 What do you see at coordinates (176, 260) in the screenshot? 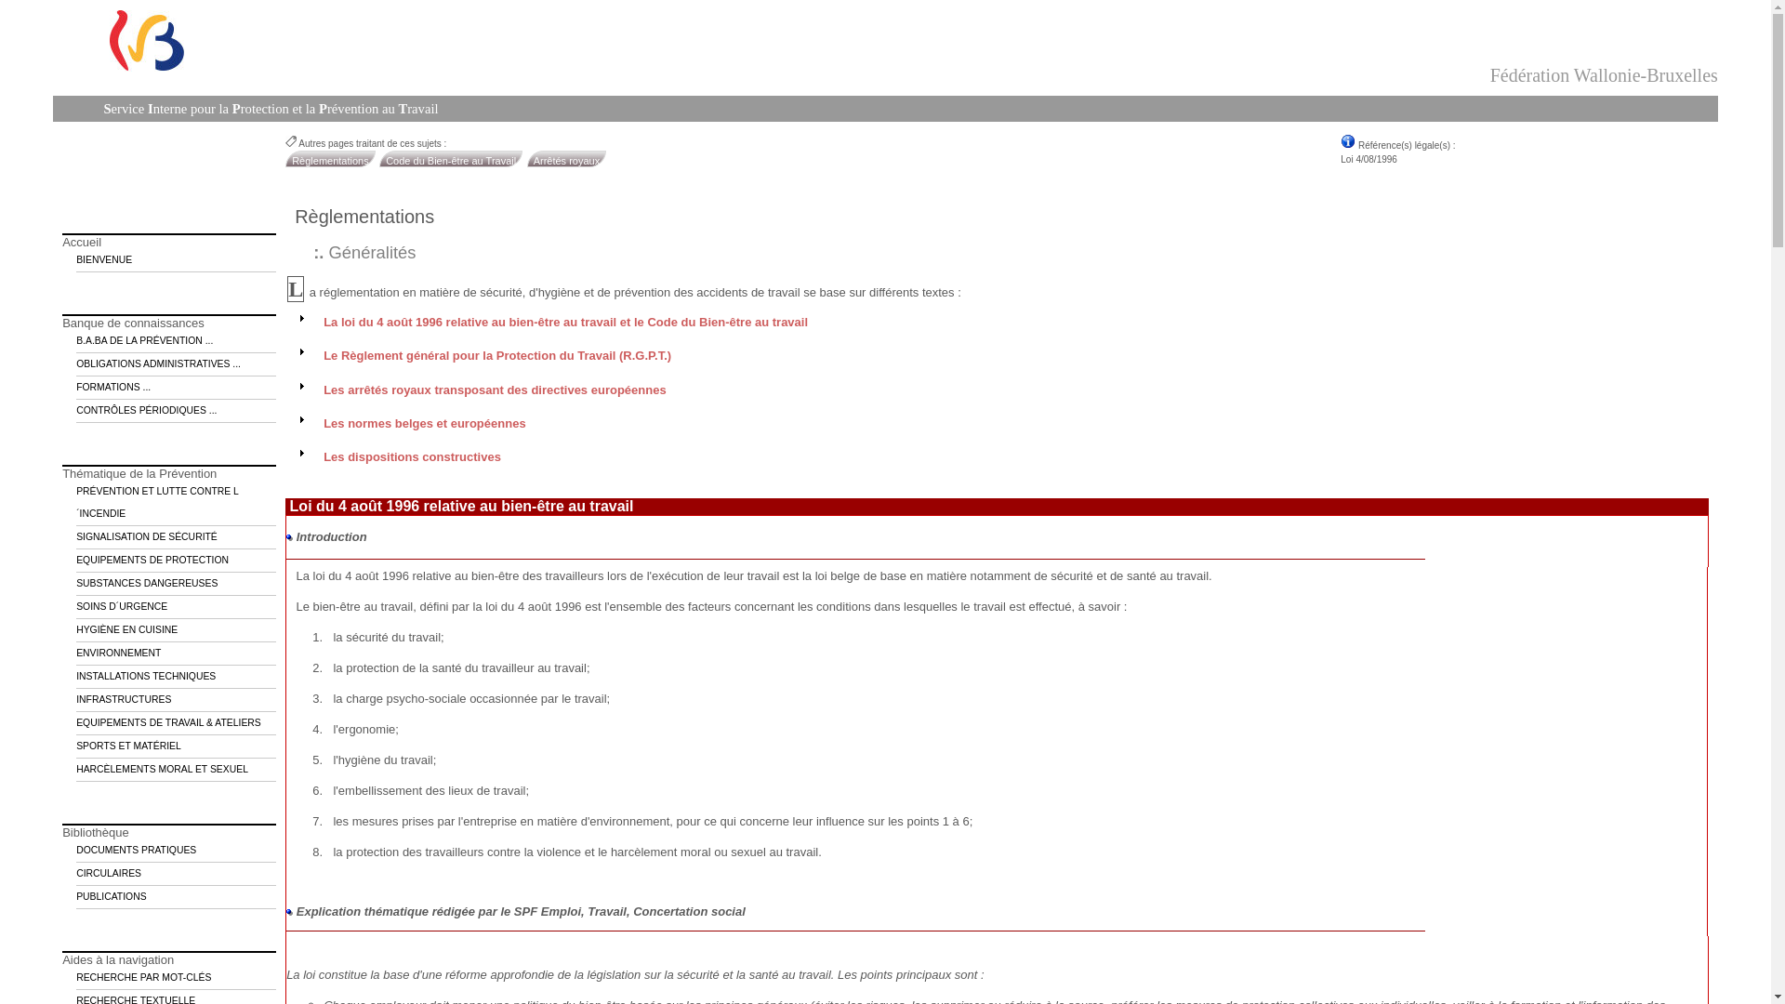
I see `'BIENVENUE'` at bounding box center [176, 260].